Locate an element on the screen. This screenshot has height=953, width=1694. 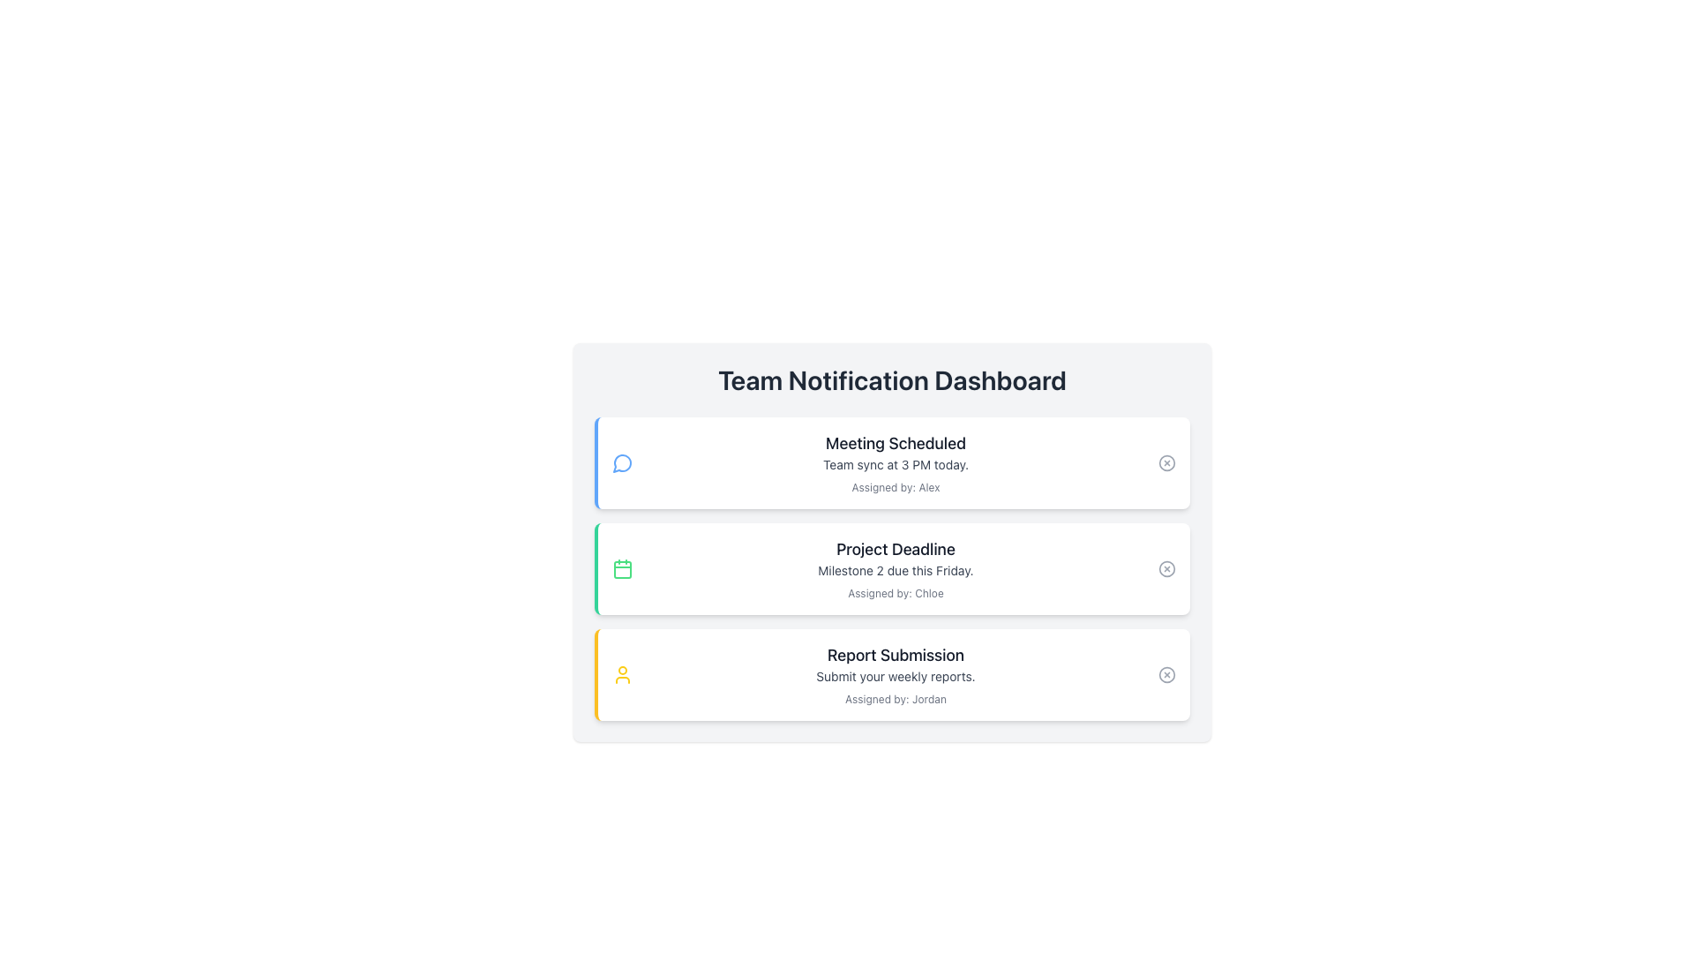
the Text information panel that prompts users to submit their weekly reports, located in the third row of the notification panel on the dashboard is located at coordinates (896, 674).